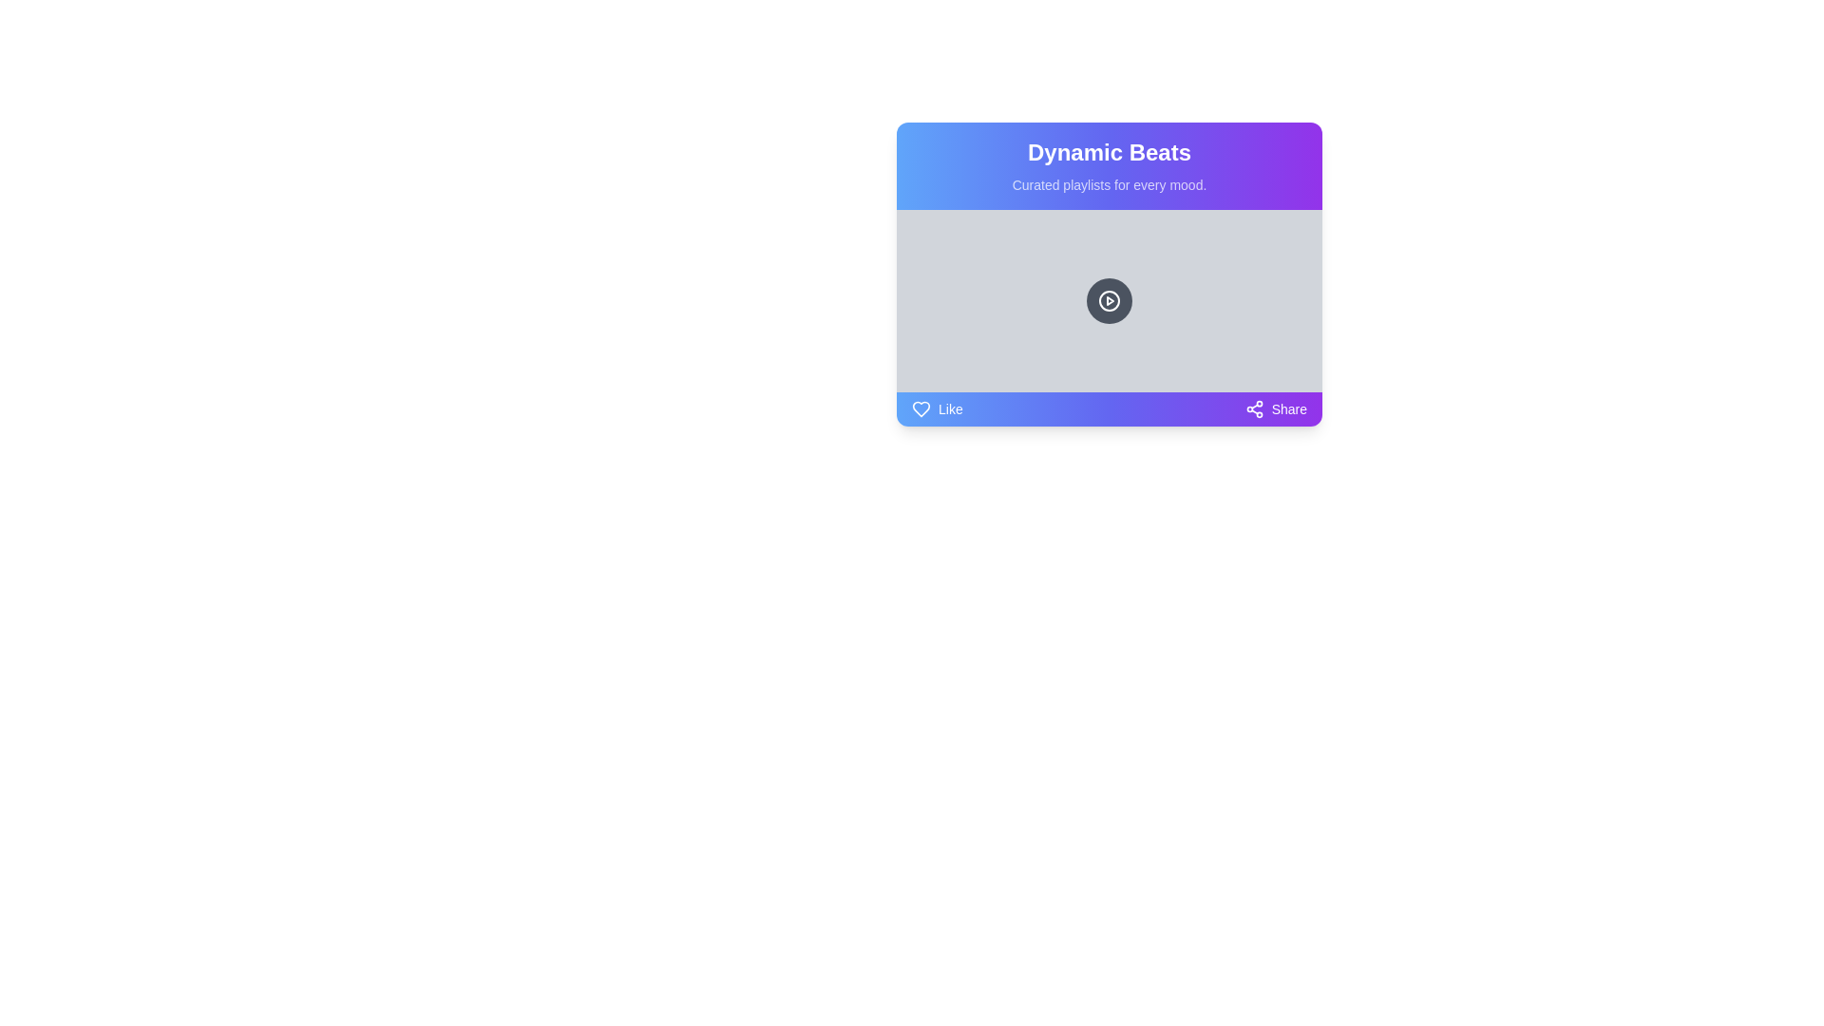 This screenshot has width=1824, height=1026. What do you see at coordinates (1109, 185) in the screenshot?
I see `text label displaying 'Curated playlists for every mood.' located below the heading 'Dynamic Beats' in a colorful card format` at bounding box center [1109, 185].